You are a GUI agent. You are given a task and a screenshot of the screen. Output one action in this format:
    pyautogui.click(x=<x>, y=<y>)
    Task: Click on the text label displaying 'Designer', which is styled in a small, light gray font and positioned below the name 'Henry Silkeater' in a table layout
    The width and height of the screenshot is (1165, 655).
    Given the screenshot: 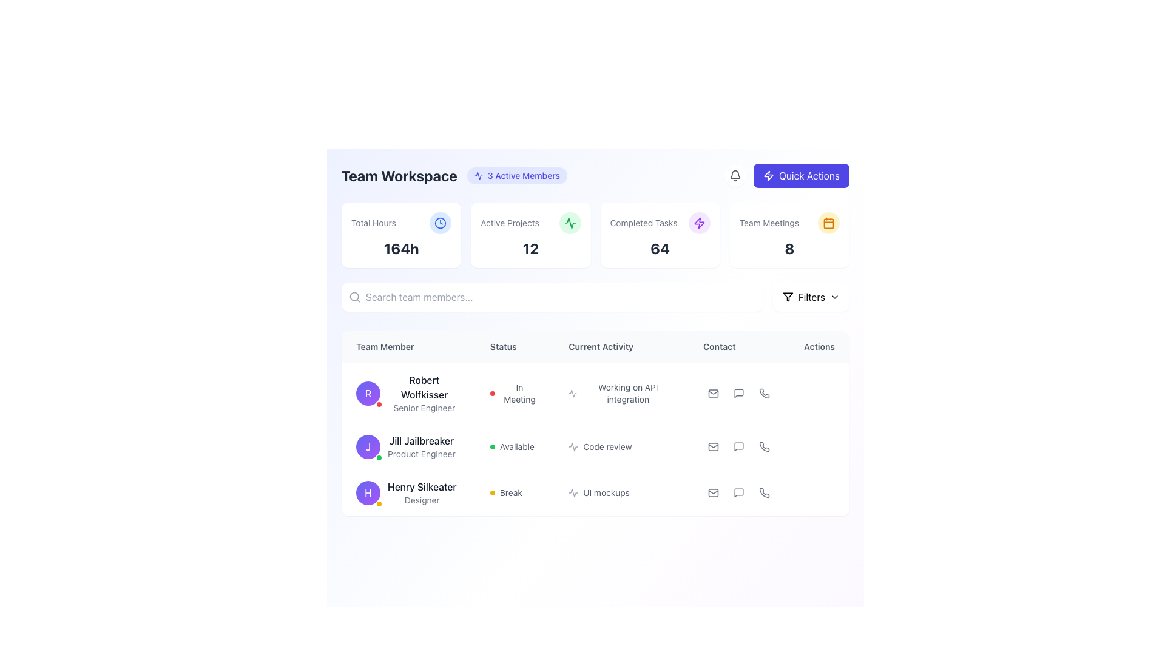 What is the action you would take?
    pyautogui.click(x=422, y=500)
    